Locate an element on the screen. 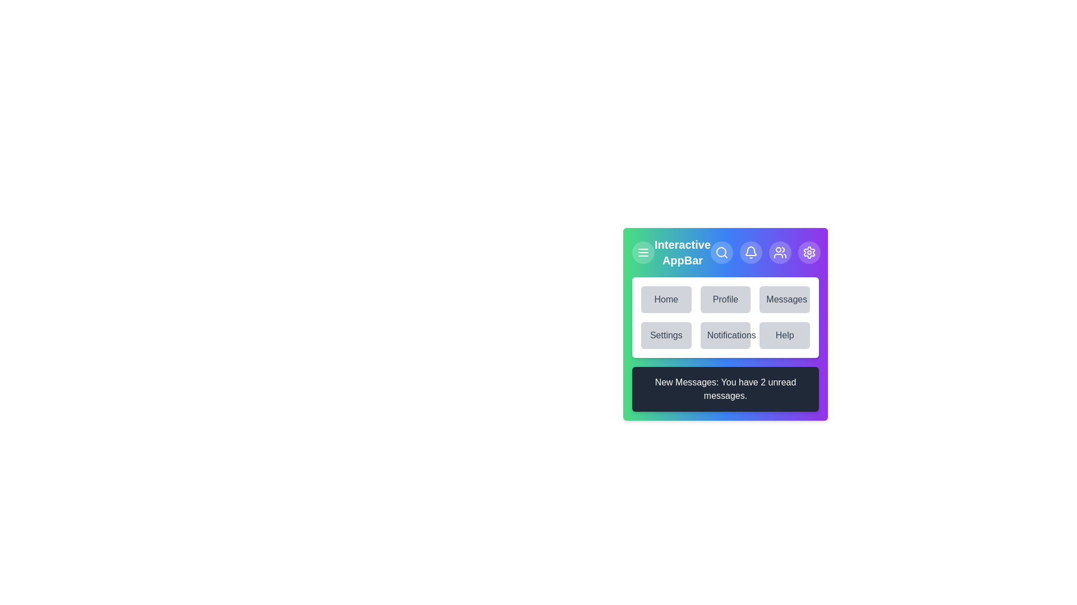  the menu item labeled Home to navigate is located at coordinates (666, 299).